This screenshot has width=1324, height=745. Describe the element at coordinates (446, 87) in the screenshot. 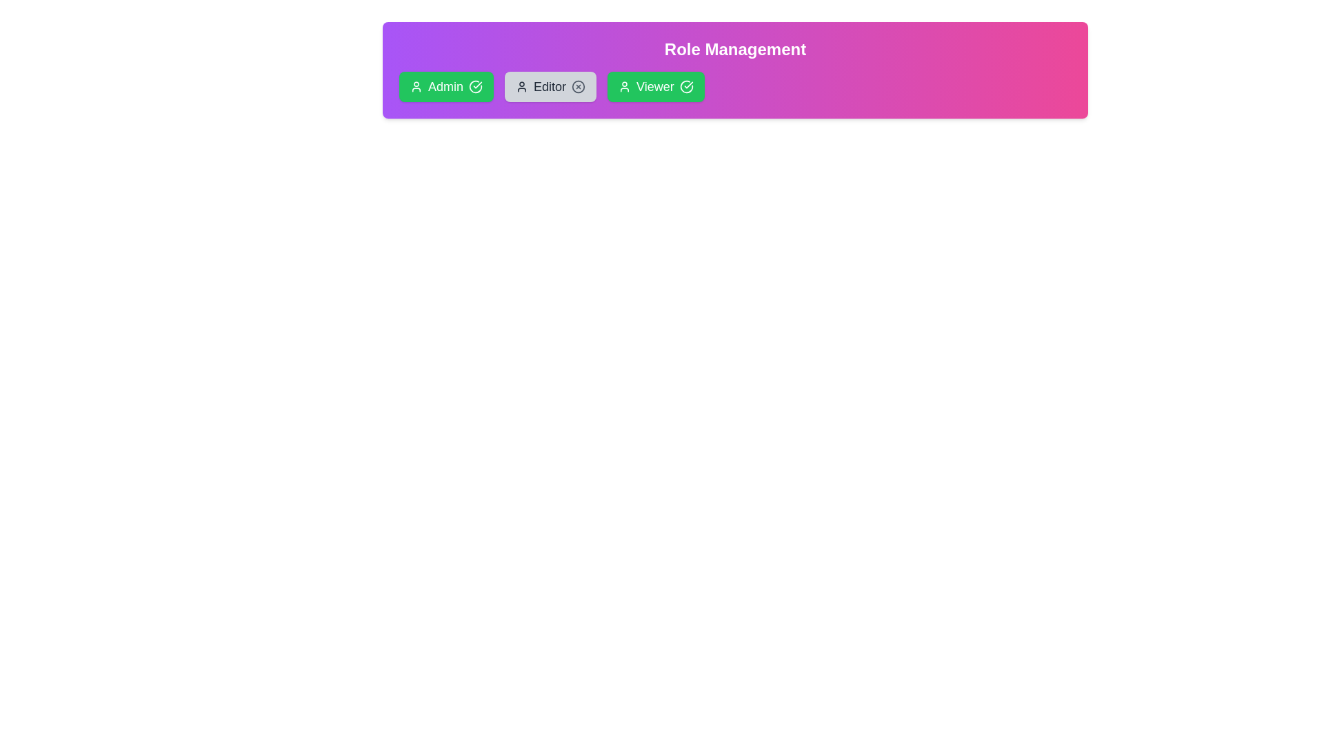

I see `the role Admin by clicking on its card` at that location.